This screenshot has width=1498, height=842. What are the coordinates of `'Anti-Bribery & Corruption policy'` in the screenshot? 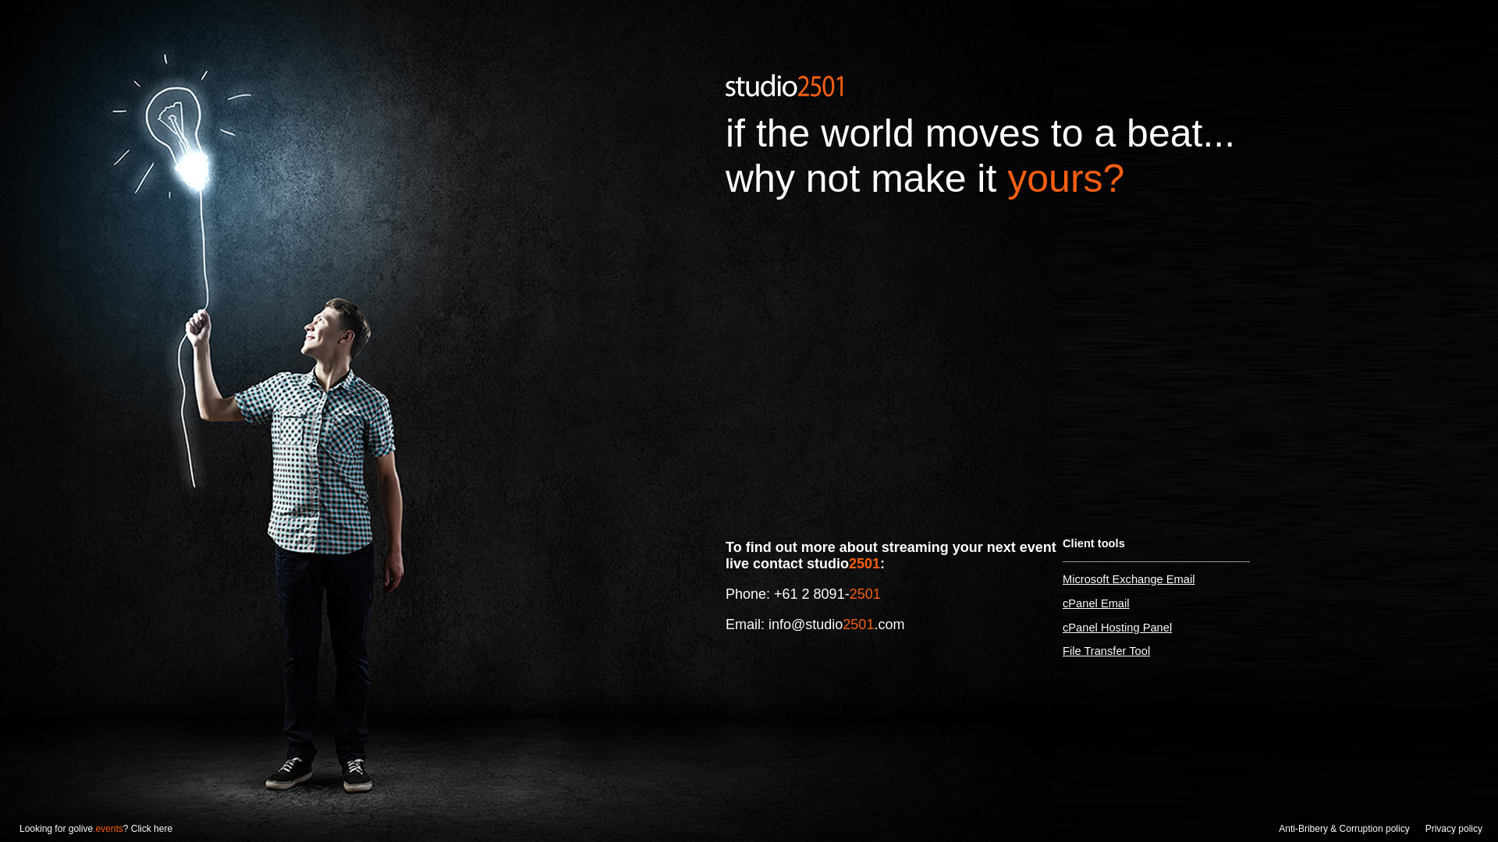 It's located at (1343, 828).